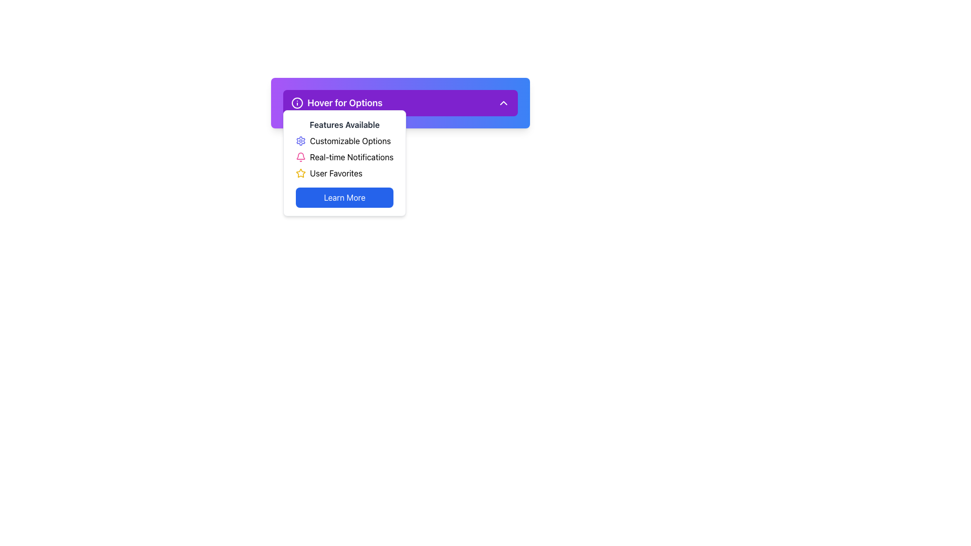 The width and height of the screenshot is (971, 546). I want to click on the interactive dropdown indicator icon located at the far right end of the 'Hover for Options' purple button, so click(504, 103).